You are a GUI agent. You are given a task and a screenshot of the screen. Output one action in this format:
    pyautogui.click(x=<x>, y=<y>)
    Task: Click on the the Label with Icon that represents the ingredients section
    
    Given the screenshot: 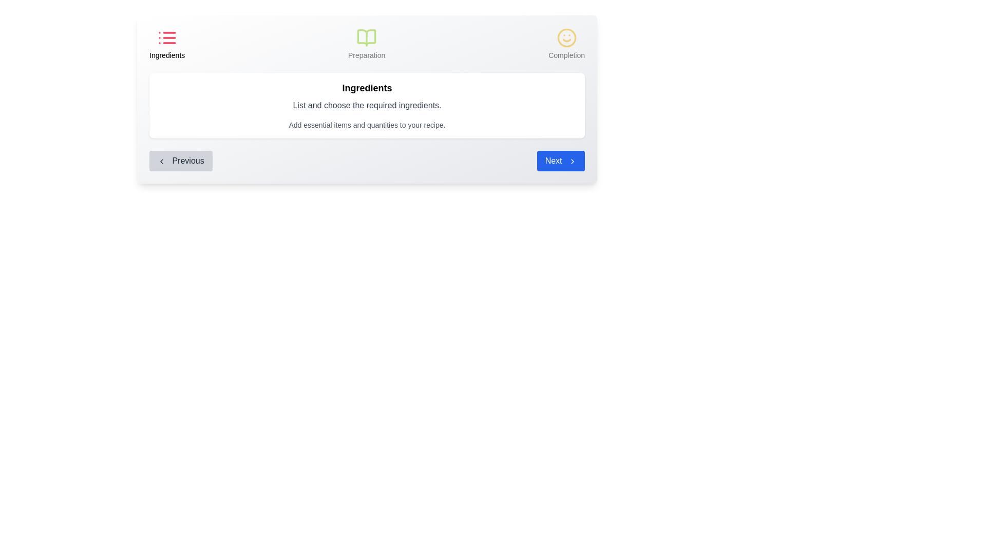 What is the action you would take?
    pyautogui.click(x=167, y=43)
    